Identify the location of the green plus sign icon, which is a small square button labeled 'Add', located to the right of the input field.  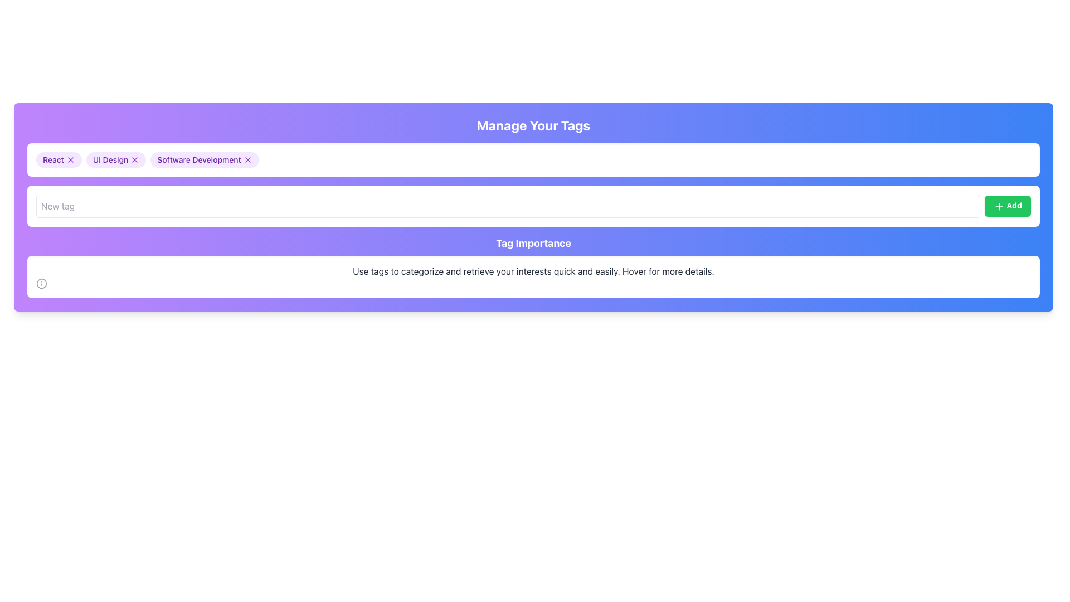
(999, 206).